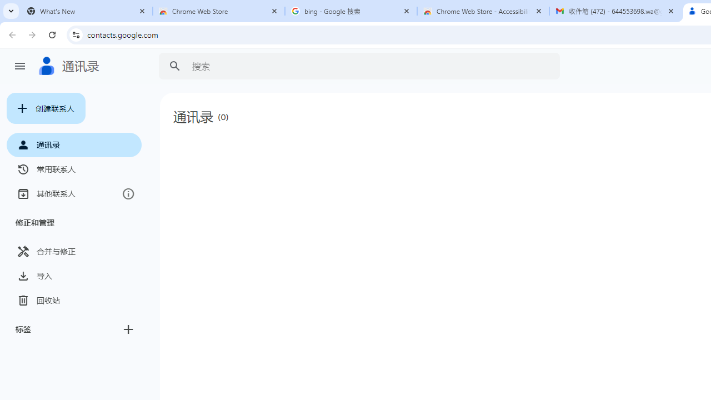 This screenshot has height=400, width=711. I want to click on 'What', so click(86, 11).